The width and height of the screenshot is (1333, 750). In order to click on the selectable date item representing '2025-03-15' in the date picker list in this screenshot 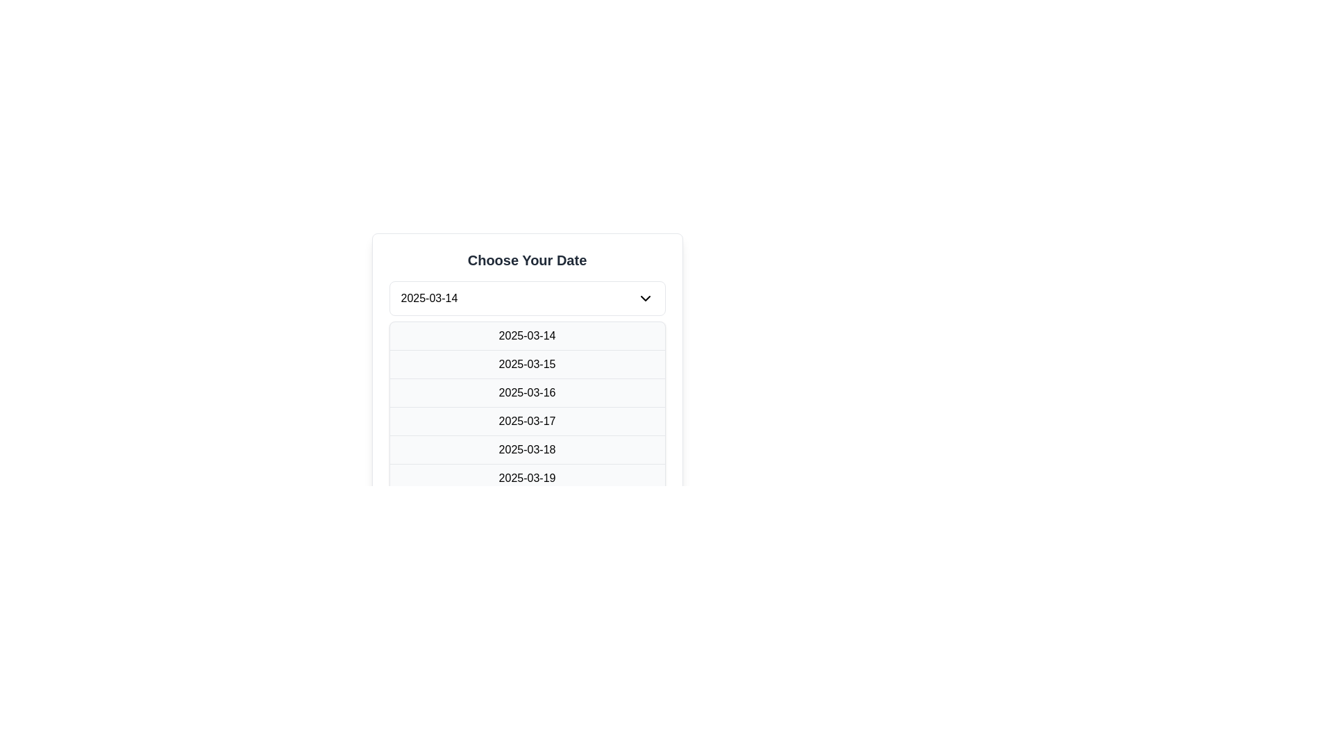, I will do `click(526, 363)`.